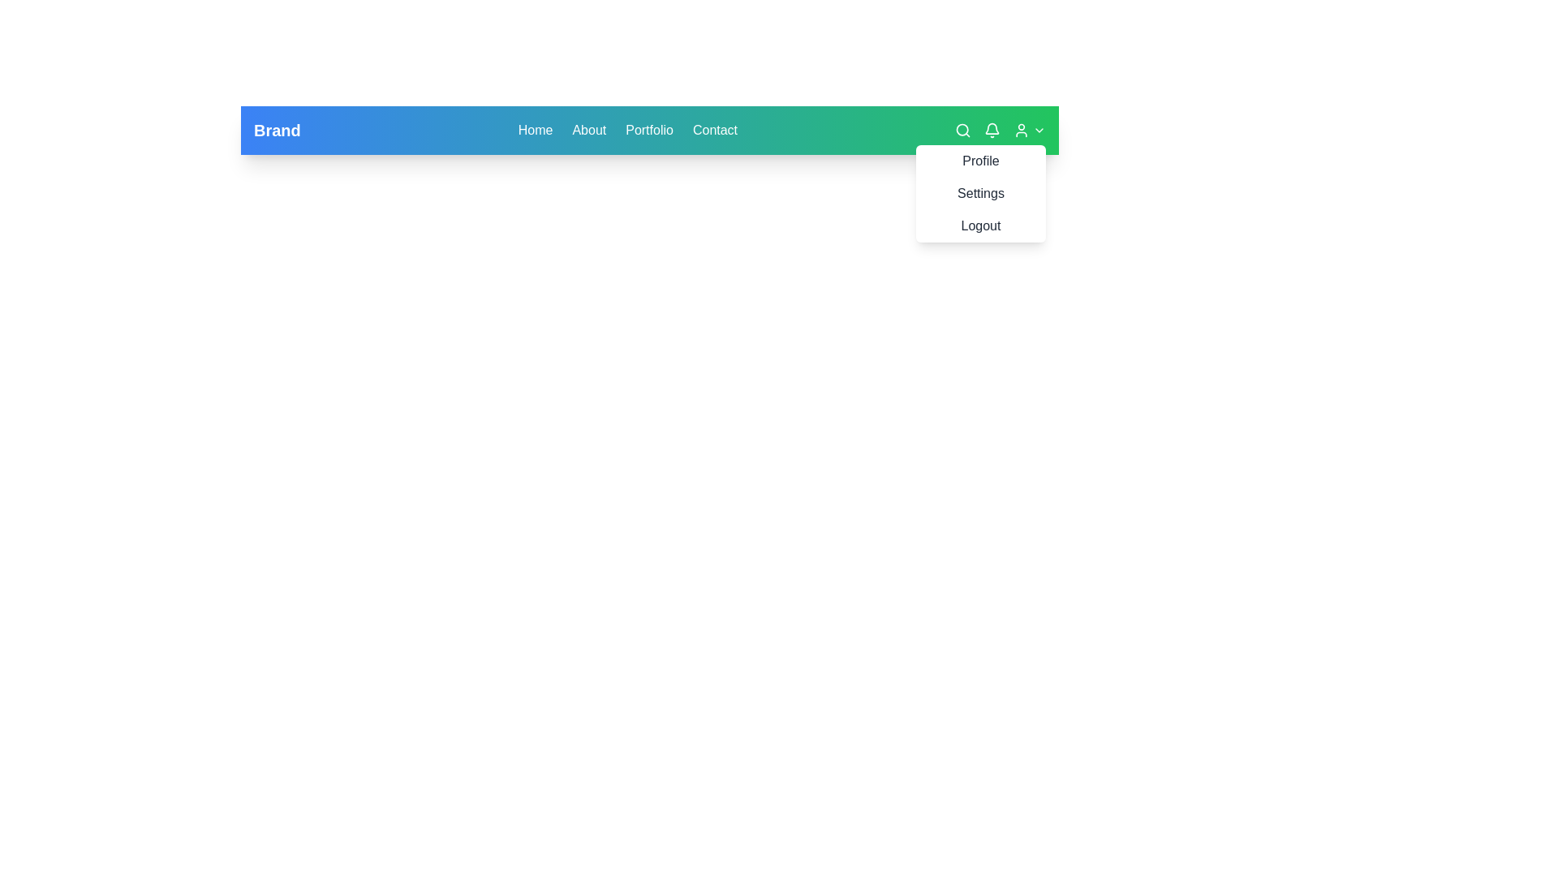 This screenshot has height=876, width=1558. Describe the element at coordinates (1028, 130) in the screenshot. I see `the profile menu trigger located at the far right of the top navigation bar, which includes user and chevron icons` at that location.